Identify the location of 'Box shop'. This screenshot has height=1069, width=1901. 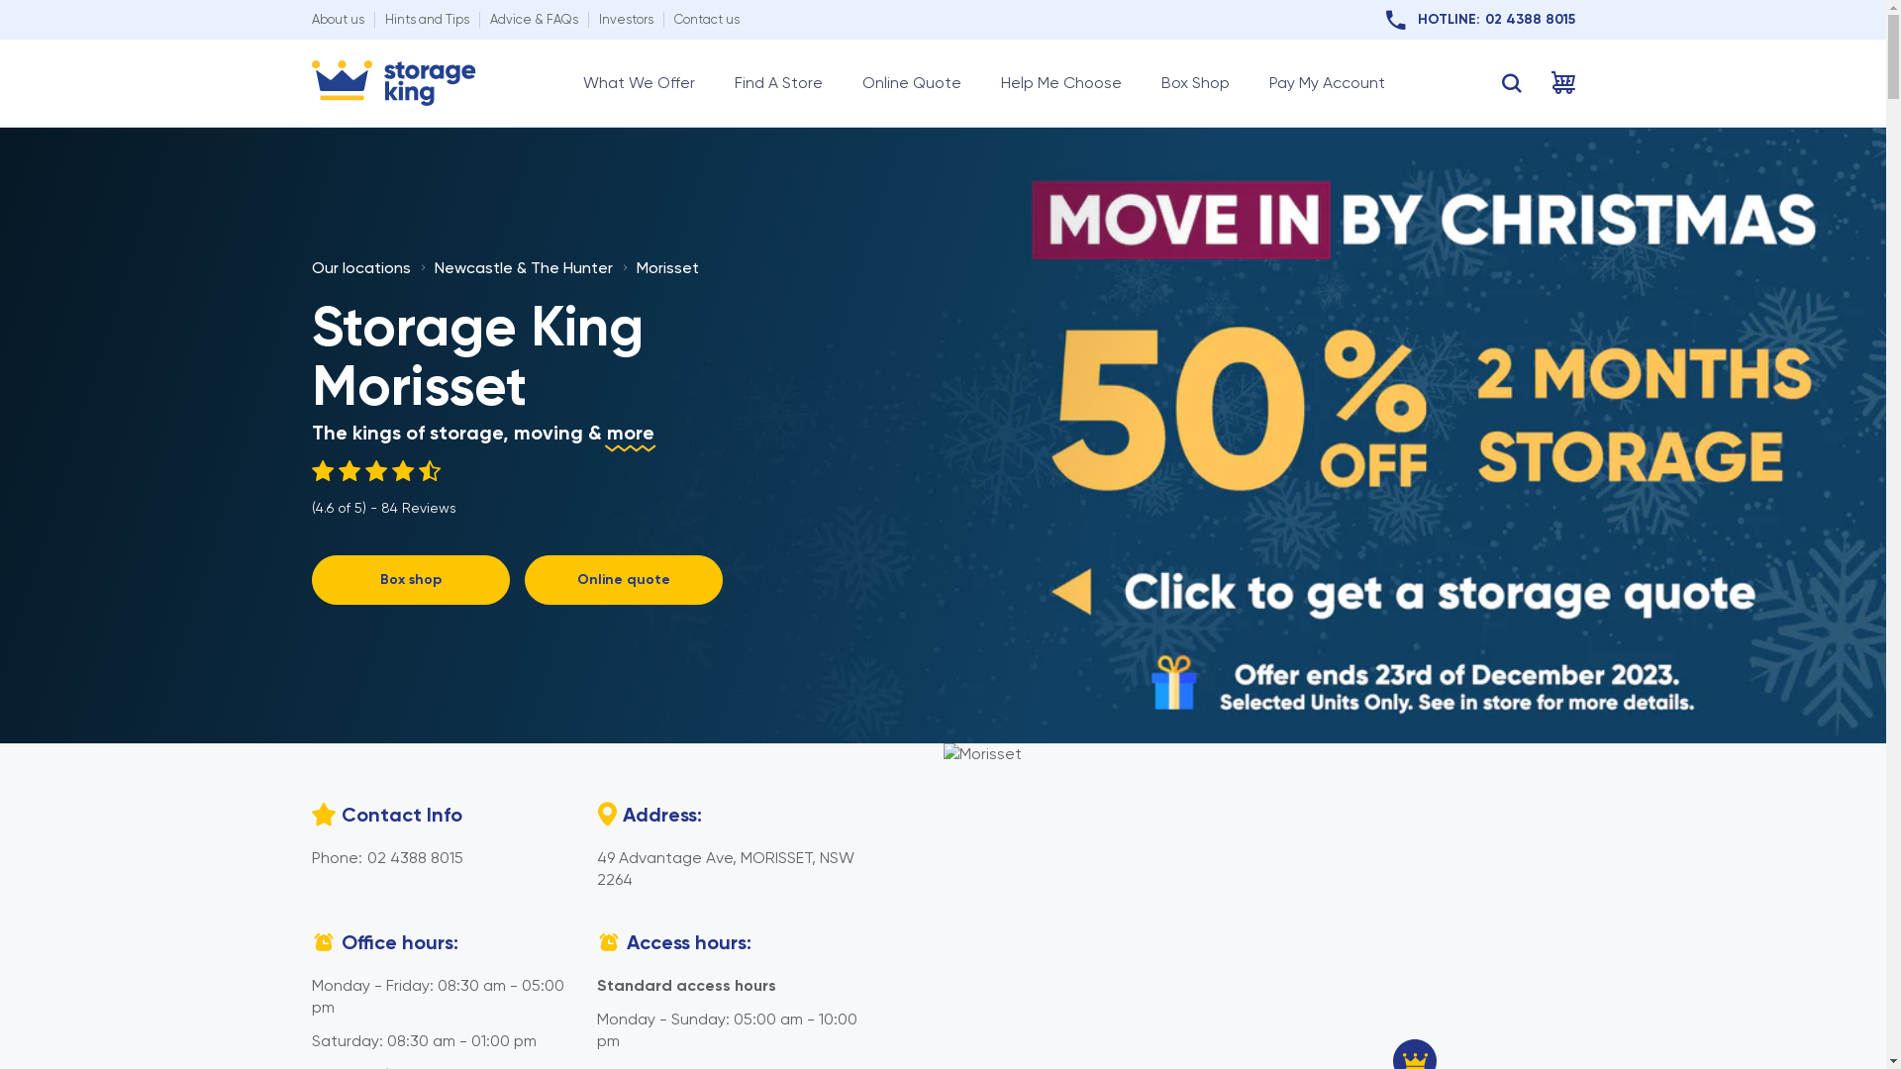
(408, 579).